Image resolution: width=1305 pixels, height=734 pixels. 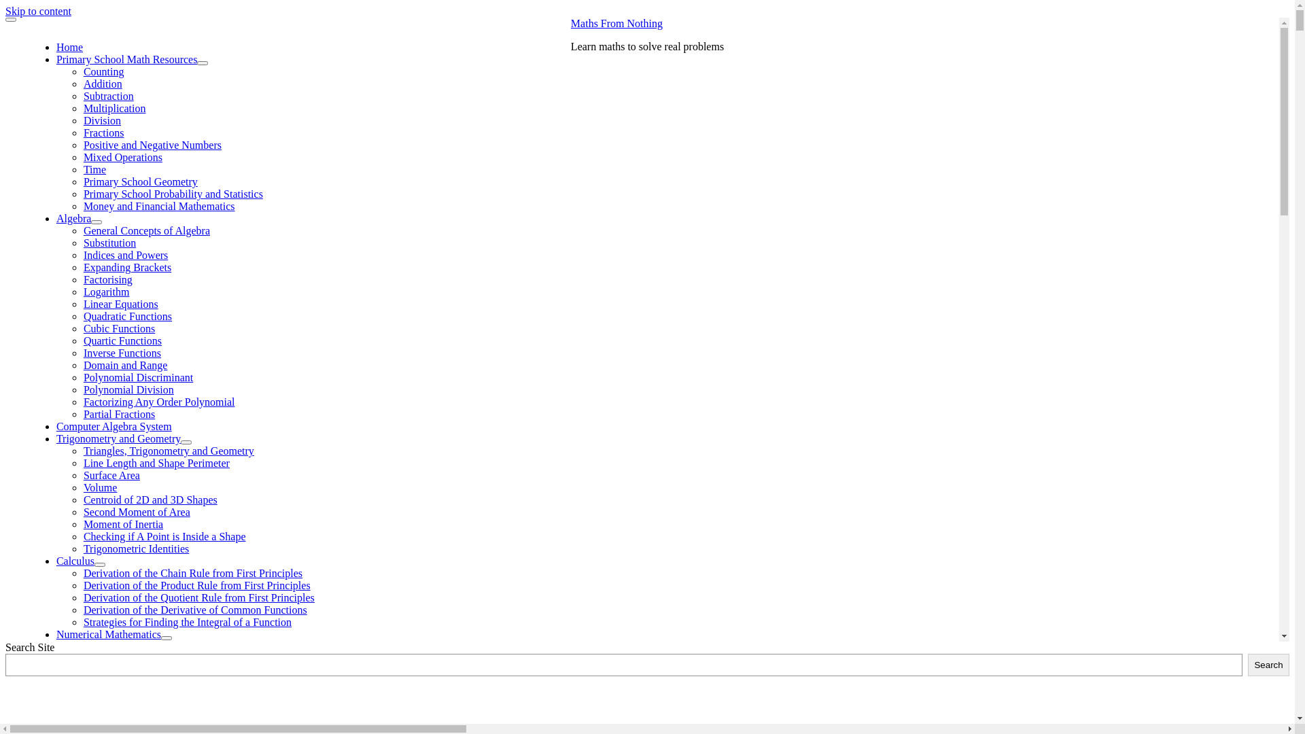 What do you see at coordinates (107, 279) in the screenshot?
I see `'Factorising'` at bounding box center [107, 279].